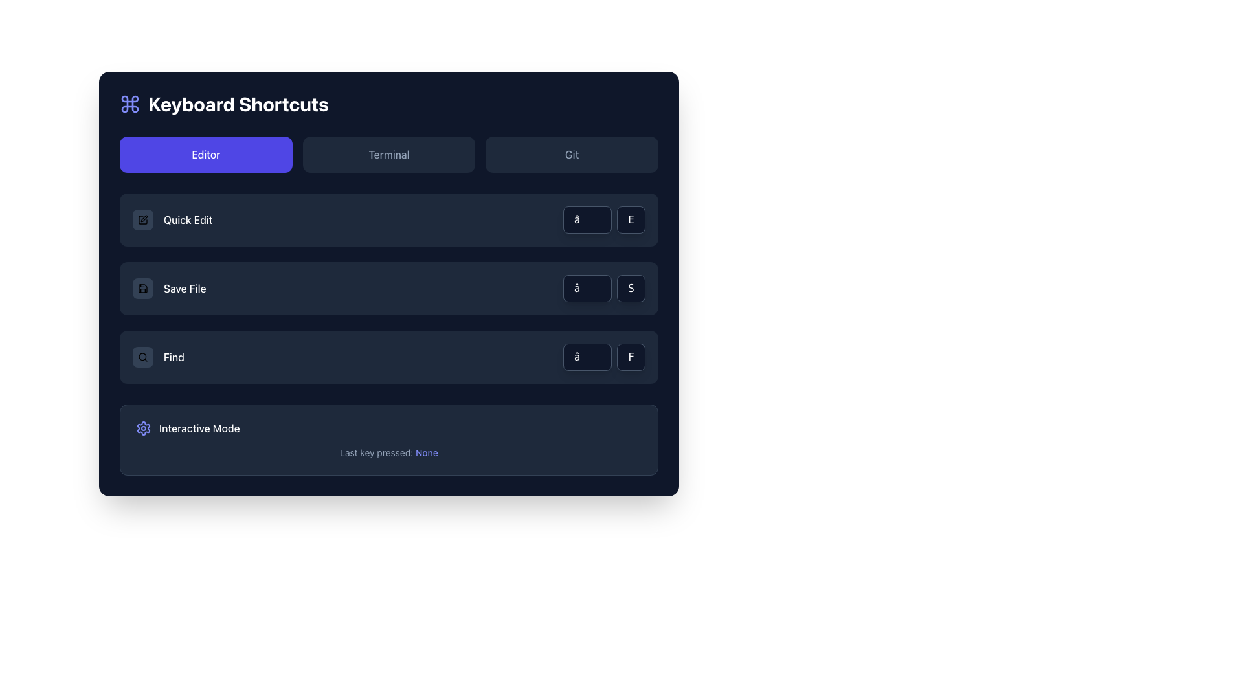 The width and height of the screenshot is (1243, 699). I want to click on to select an item from the Navigation menu located beneath the 'Keyboard Shortcuts' header, which includes 'Editor', 'Terminal', and 'Git', so click(388, 154).